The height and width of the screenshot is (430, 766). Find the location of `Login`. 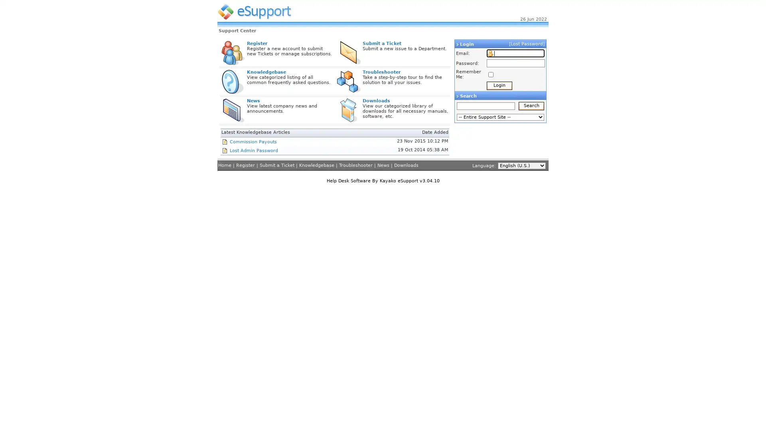

Login is located at coordinates (499, 86).